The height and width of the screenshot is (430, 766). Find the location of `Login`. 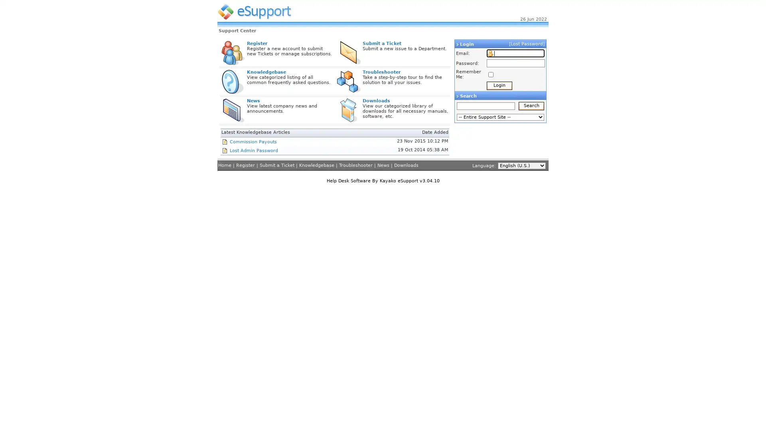

Login is located at coordinates (499, 86).